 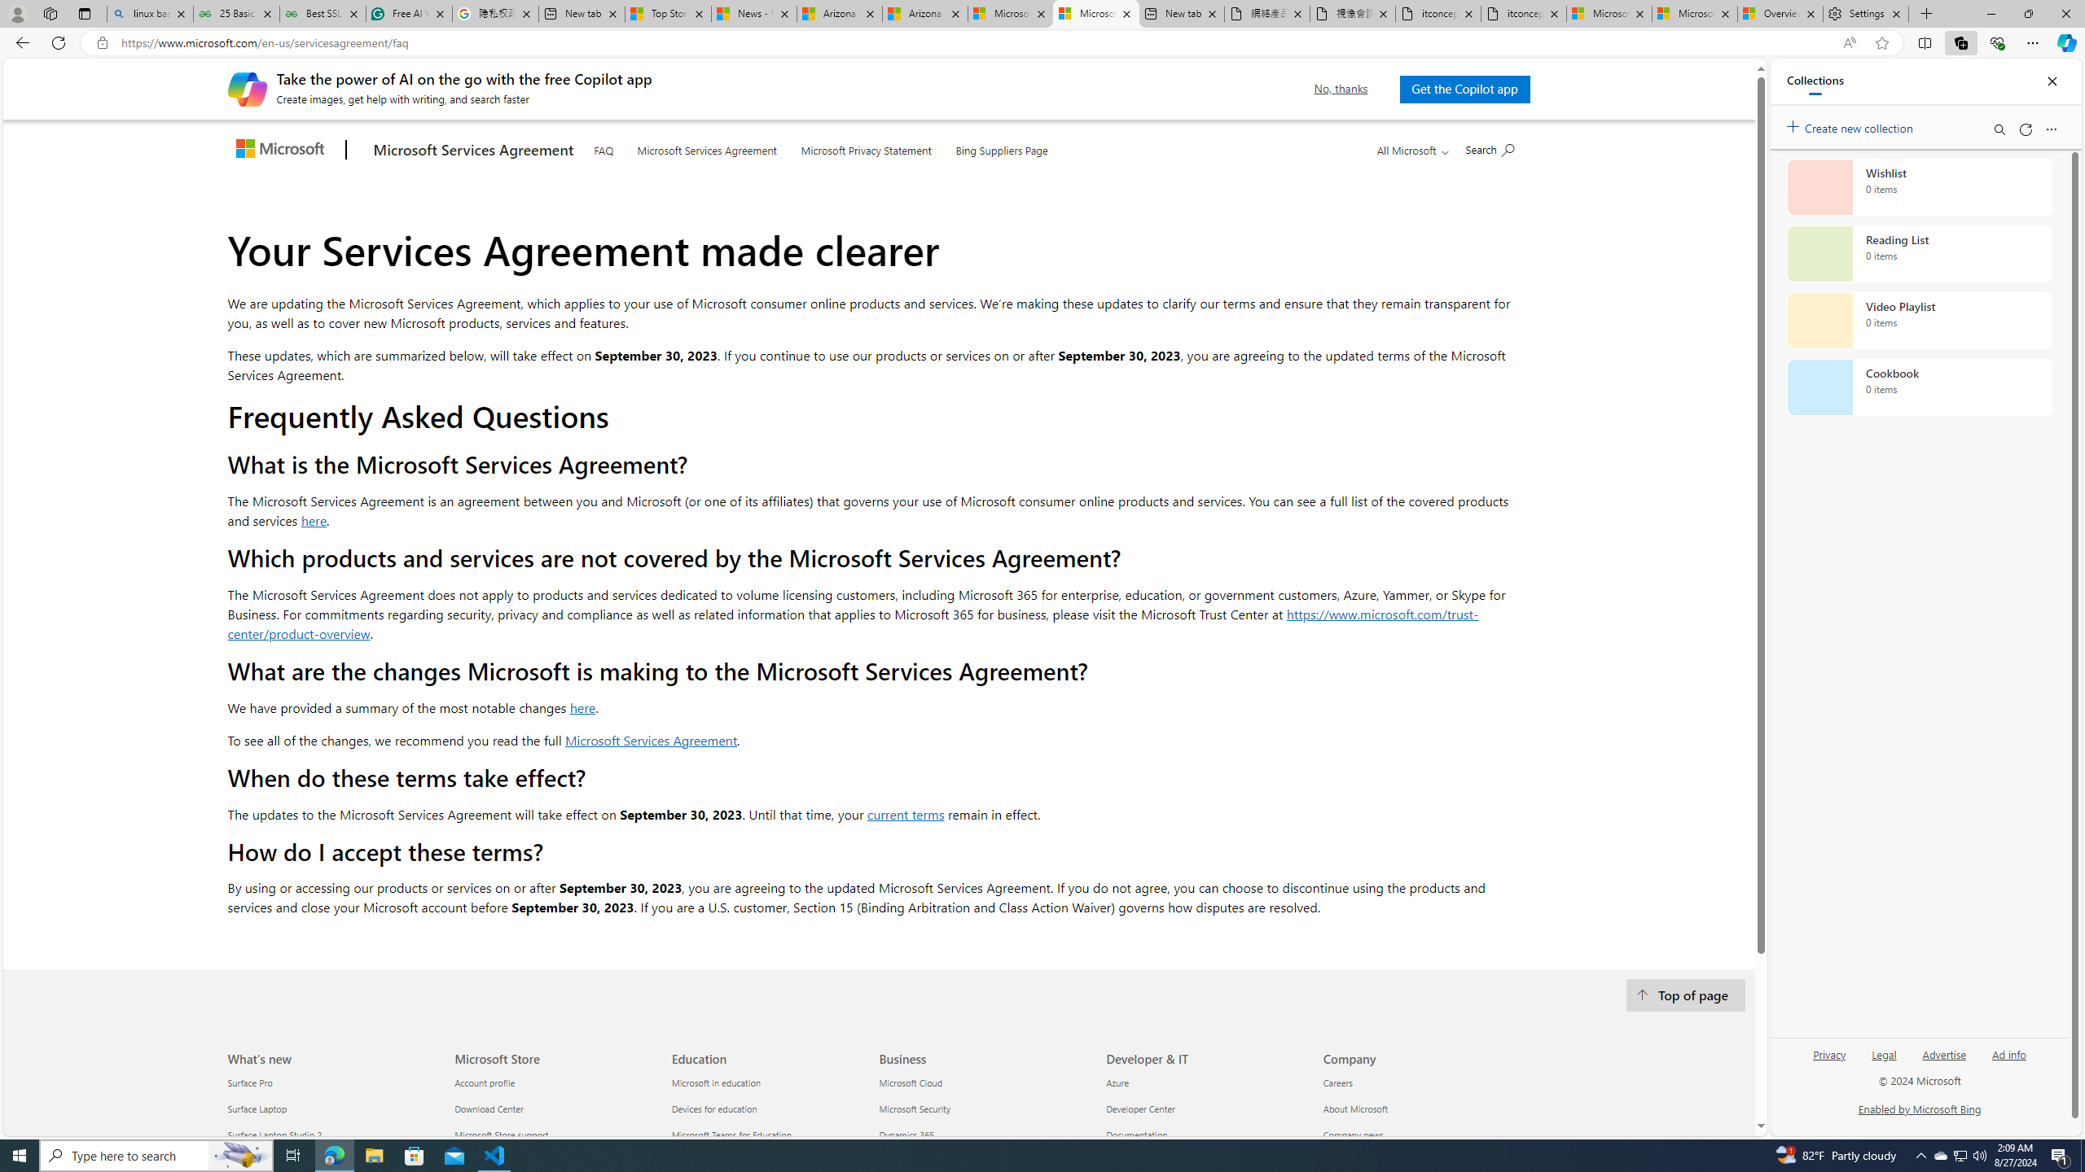 I want to click on 'Developer Center Developer & IT', so click(x=1139, y=1109).